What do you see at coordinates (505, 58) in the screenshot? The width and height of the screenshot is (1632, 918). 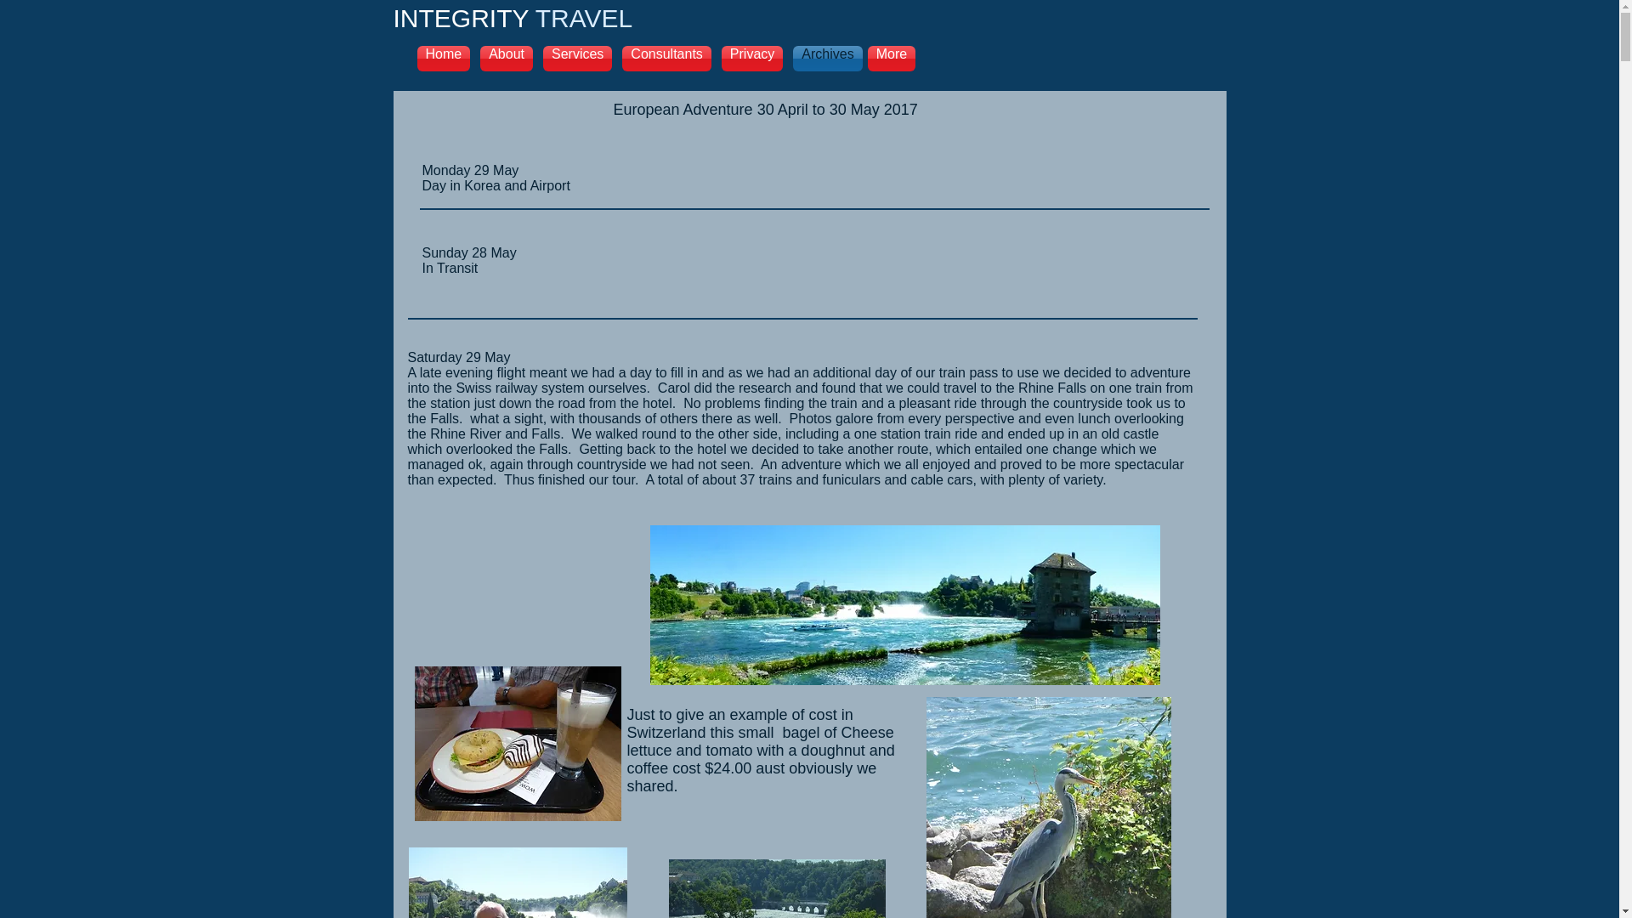 I see `'About'` at bounding box center [505, 58].